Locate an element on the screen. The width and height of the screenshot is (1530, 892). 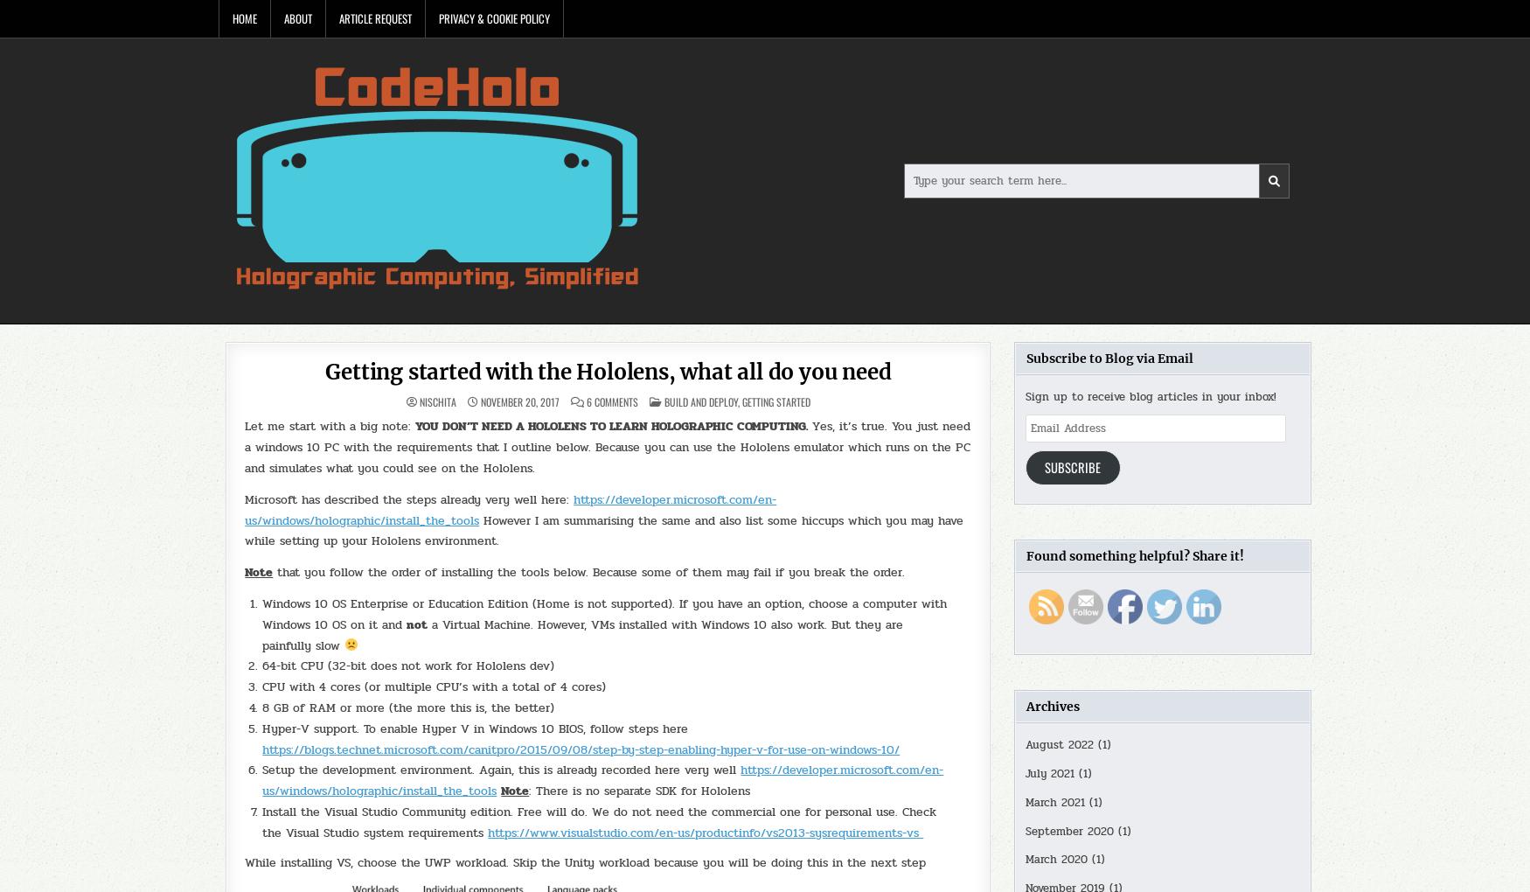
'September 2020' is located at coordinates (1068, 830).